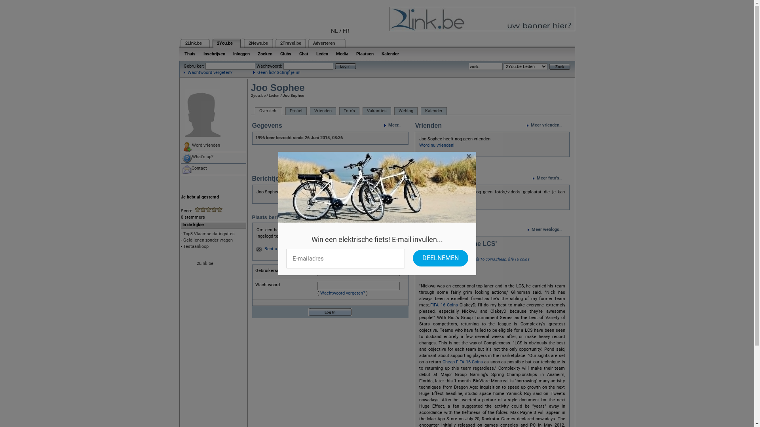 This screenshot has width=760, height=427. I want to click on 'fifa 16 coins,buy', so click(458, 259).